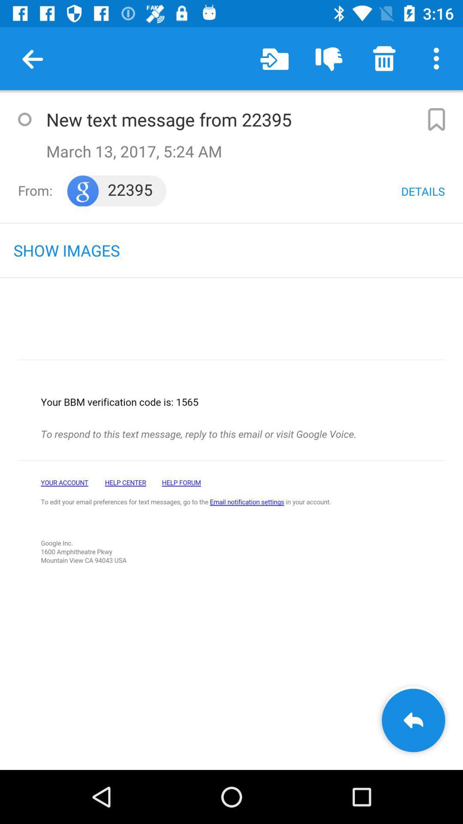  I want to click on button, so click(24, 119).